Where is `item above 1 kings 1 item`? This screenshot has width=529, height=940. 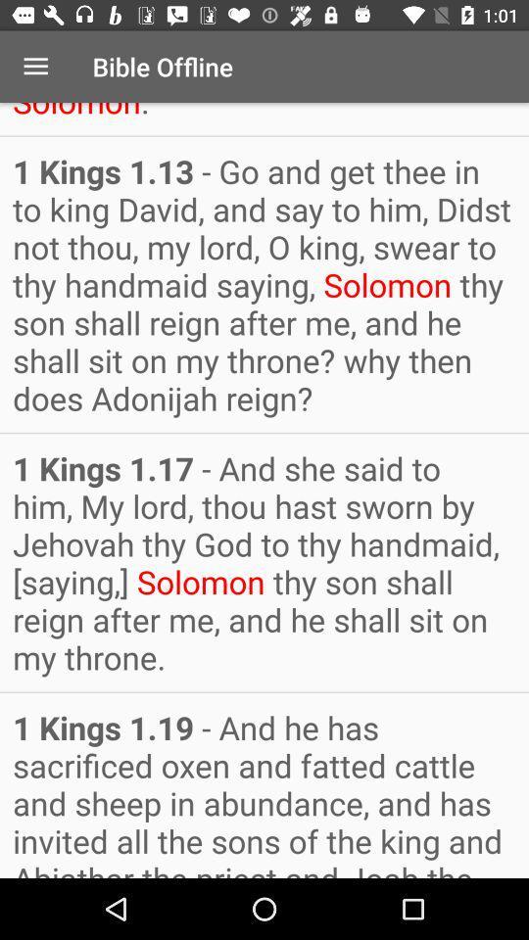
item above 1 kings 1 item is located at coordinates (35, 67).